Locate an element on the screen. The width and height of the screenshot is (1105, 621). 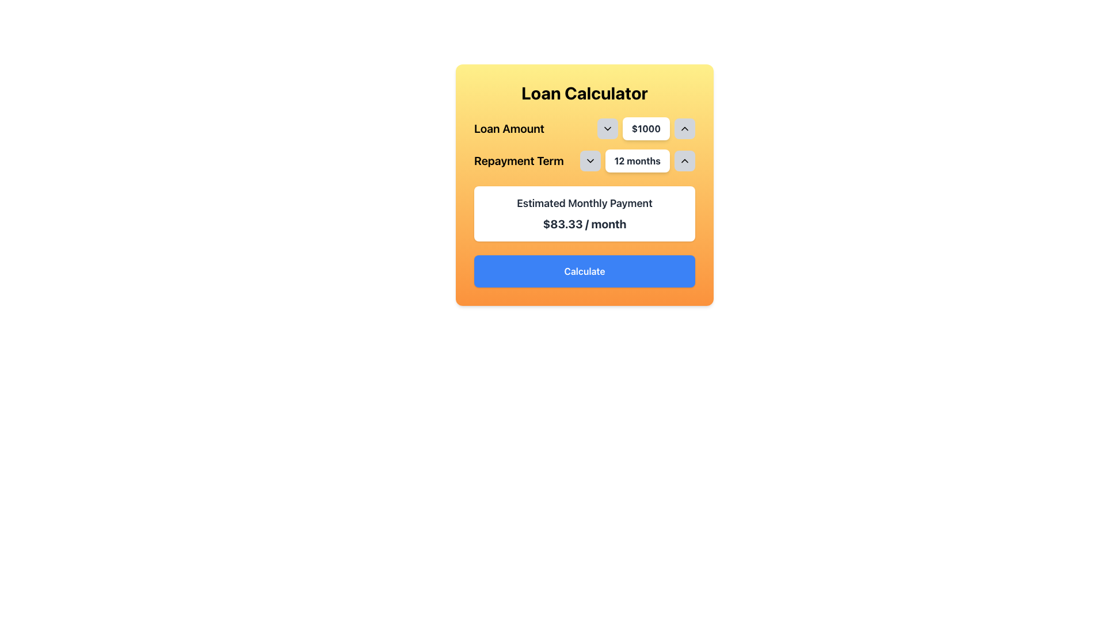
the button located to the left of the '$1000' text, which opens a dropdown menu for loan amount options is located at coordinates (607, 128).